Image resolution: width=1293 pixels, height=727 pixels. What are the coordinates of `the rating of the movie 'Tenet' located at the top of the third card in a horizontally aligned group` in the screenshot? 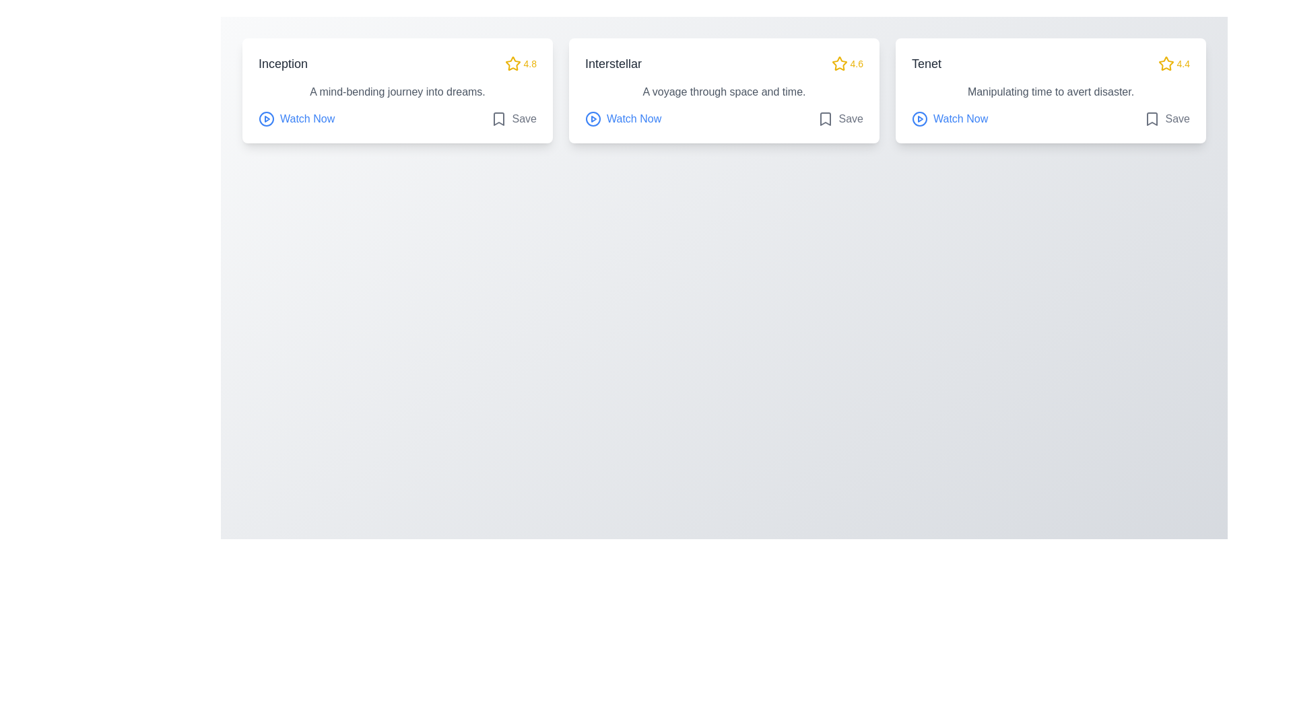 It's located at (1050, 64).